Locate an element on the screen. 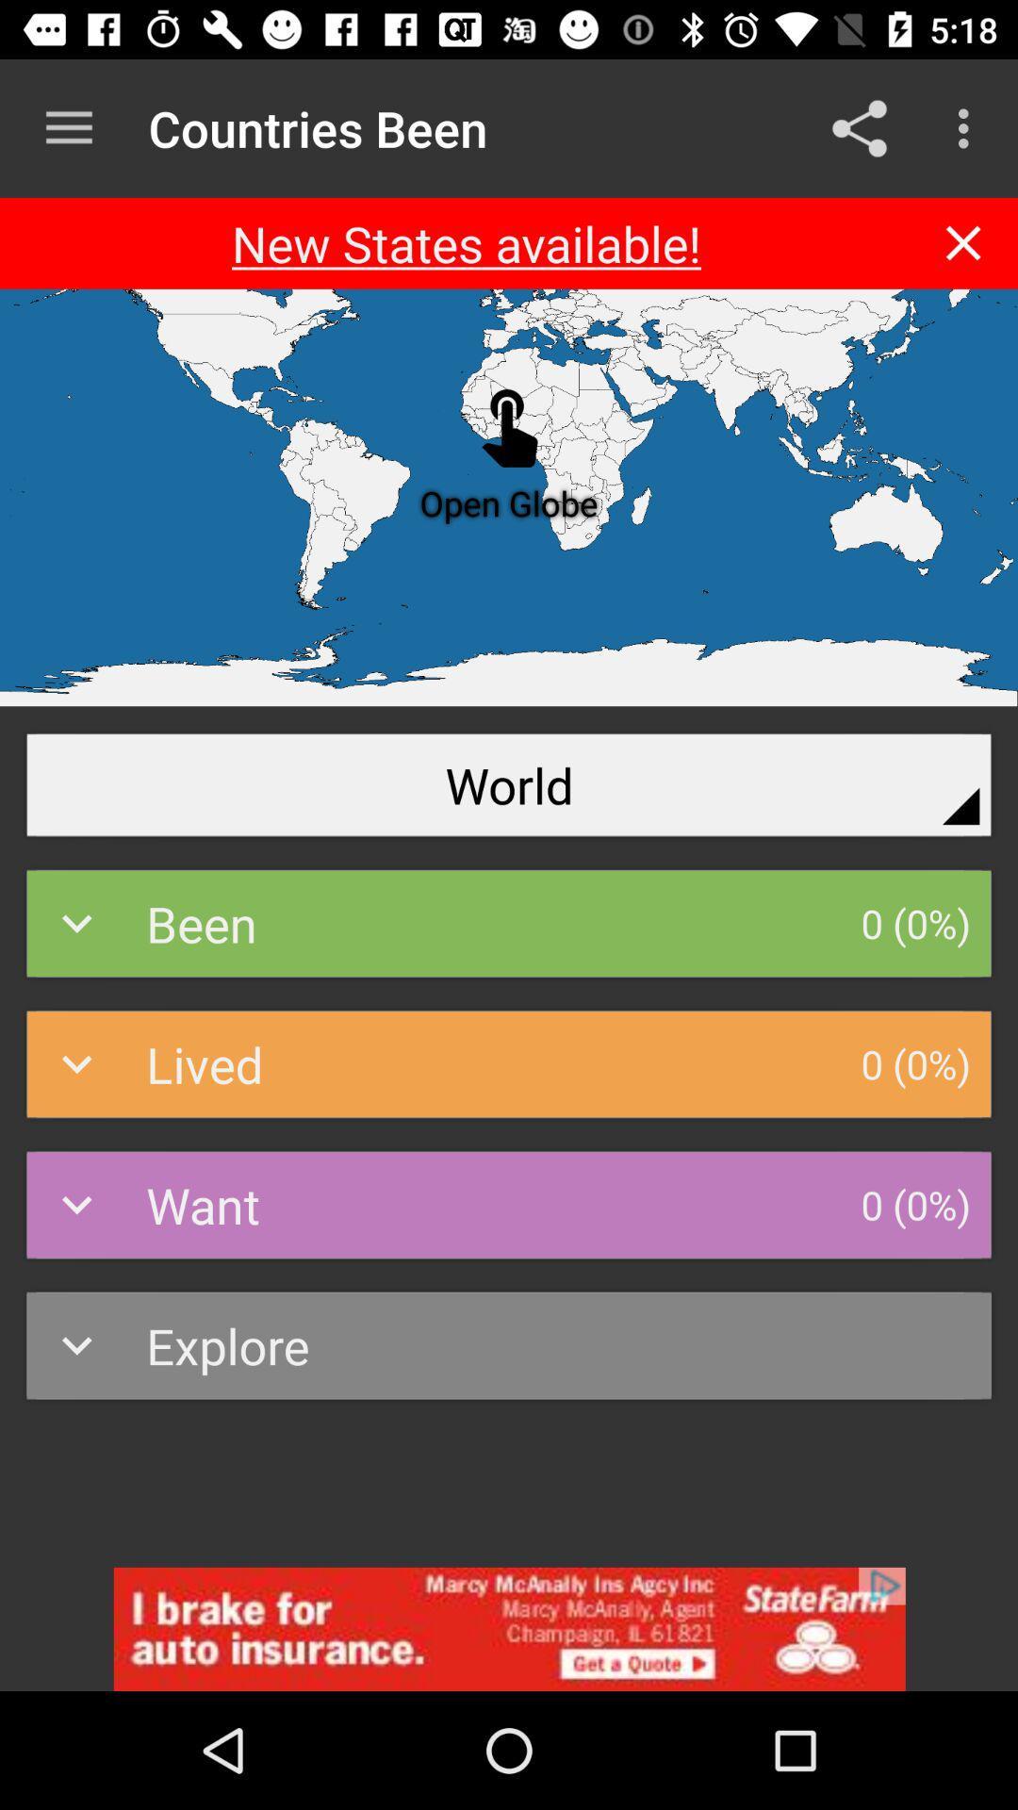 The height and width of the screenshot is (1810, 1018). x 's out of state updates is located at coordinates (963, 242).